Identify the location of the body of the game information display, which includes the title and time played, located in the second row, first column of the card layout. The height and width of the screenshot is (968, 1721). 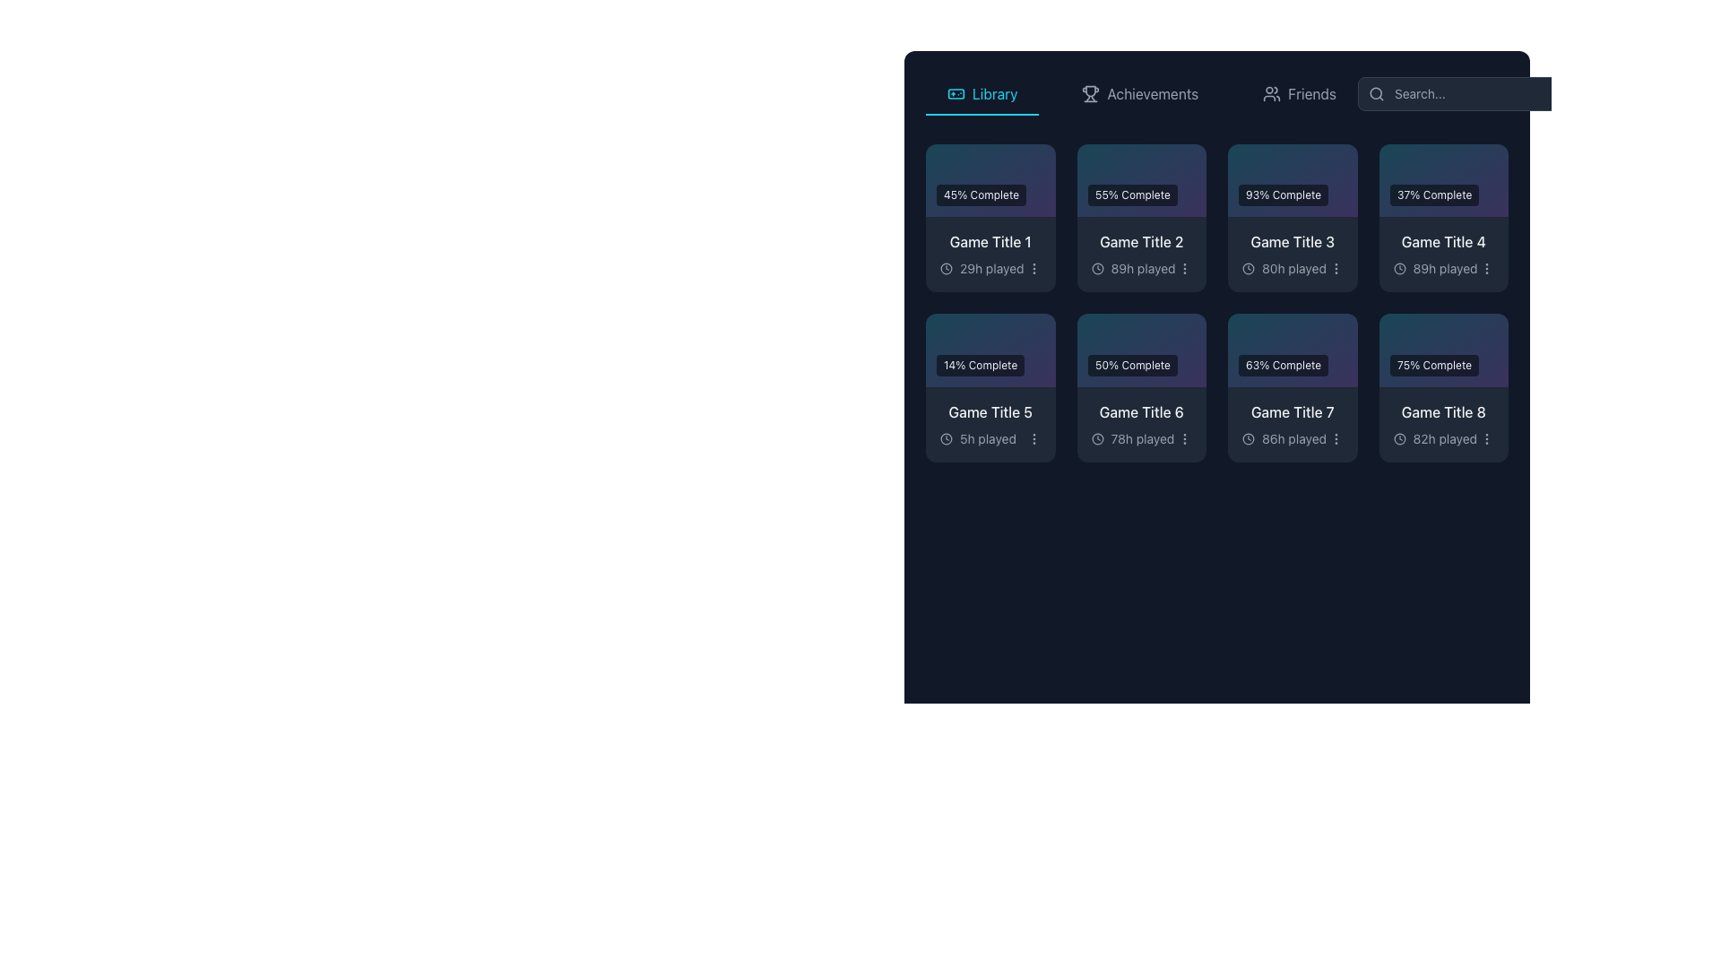
(990, 424).